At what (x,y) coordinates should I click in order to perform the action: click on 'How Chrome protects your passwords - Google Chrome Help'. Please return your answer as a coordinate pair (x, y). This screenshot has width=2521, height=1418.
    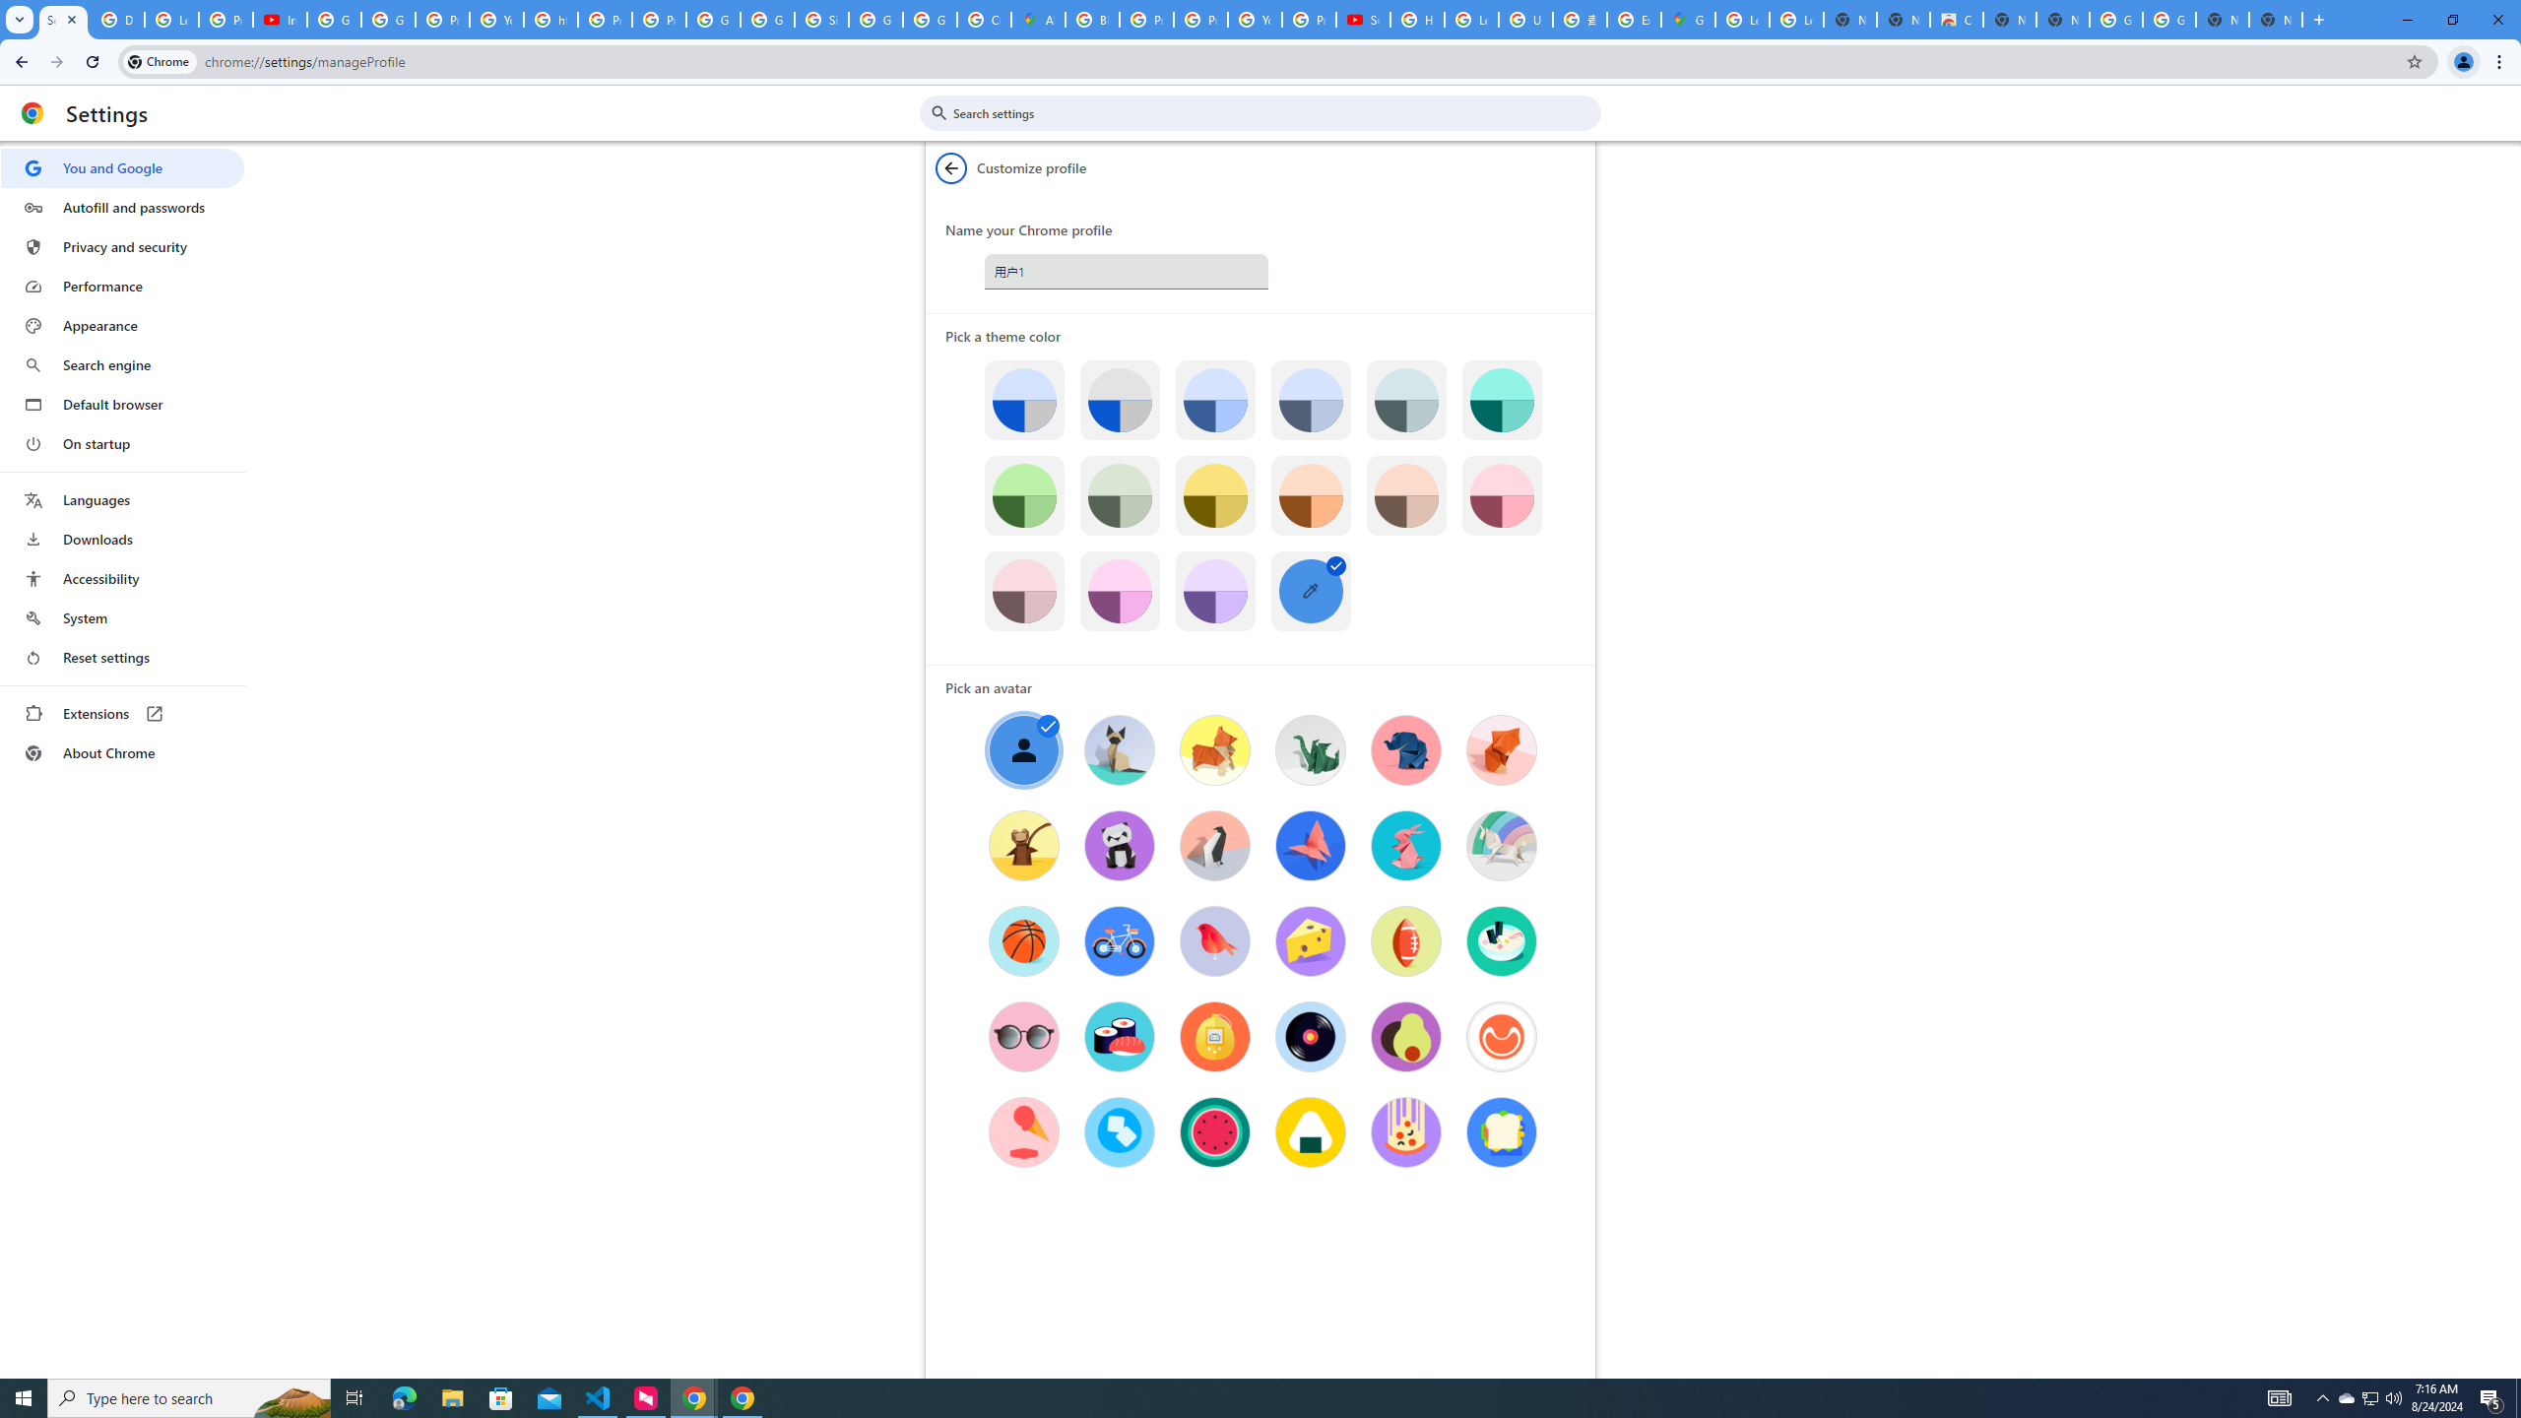
    Looking at the image, I should click on (1417, 19).